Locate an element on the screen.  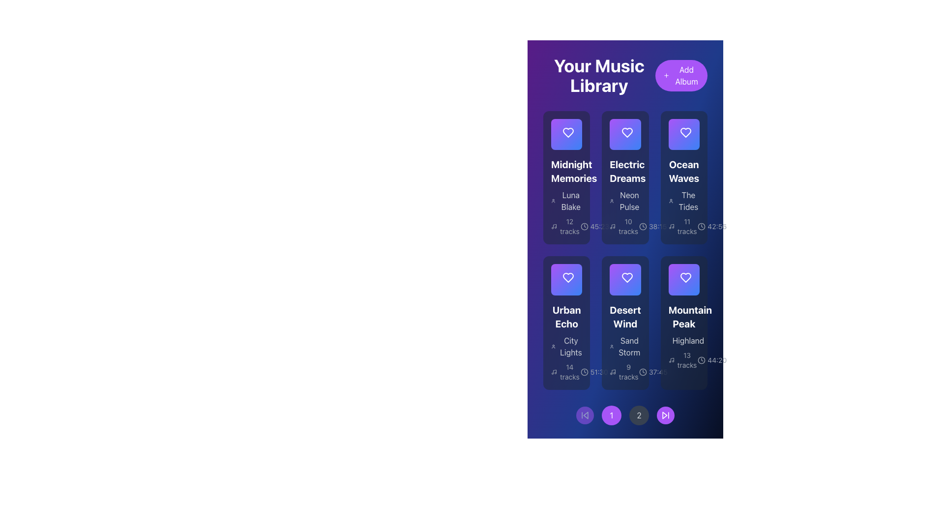
the triangular play button icon located in the center of the second card in the top row of the grid layout under the 'Your Music Library' title to initiate play is located at coordinates (625, 134).